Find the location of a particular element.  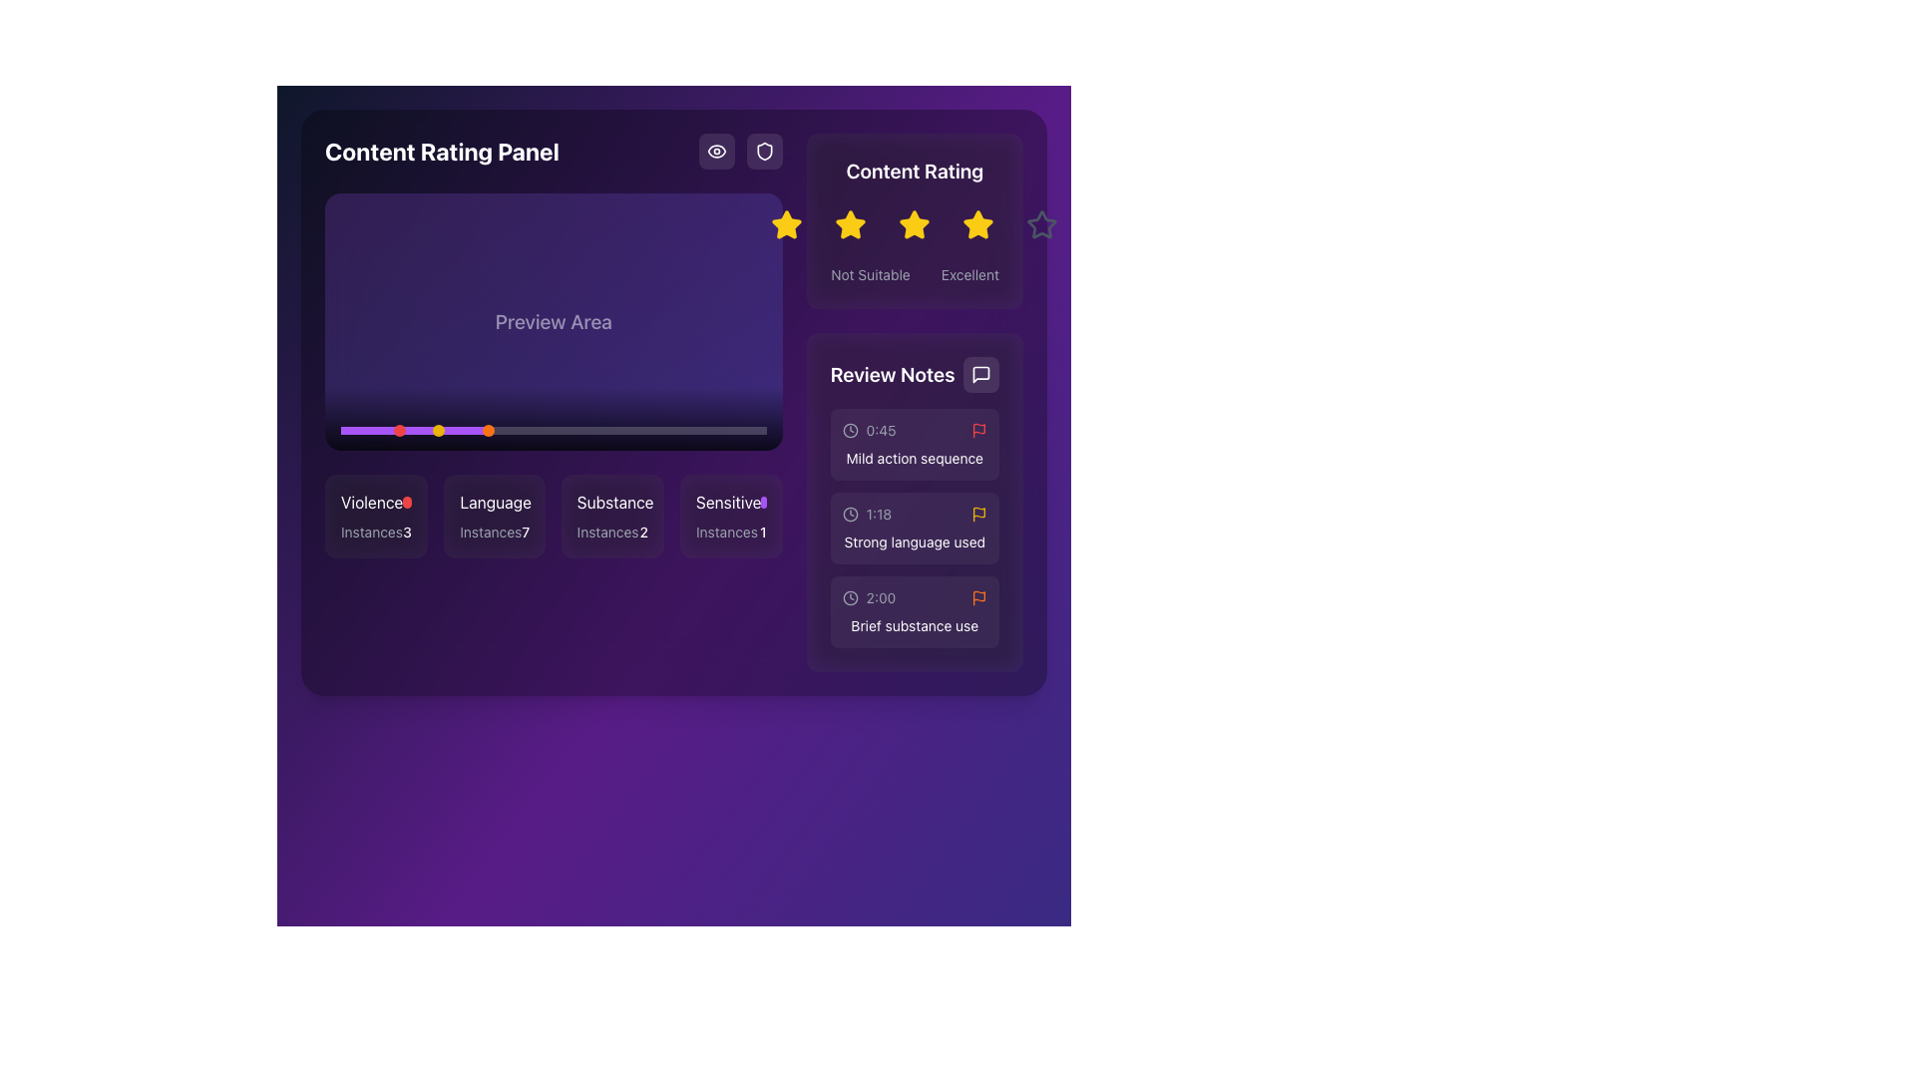

the timestamp marker text element is located at coordinates (867, 514).